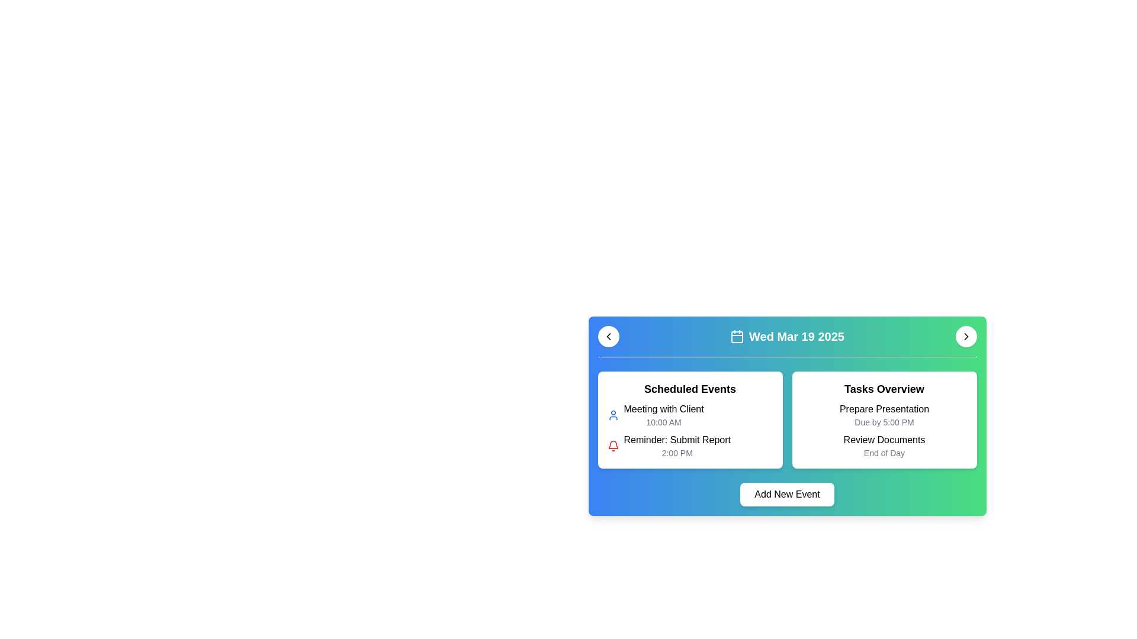 This screenshot has height=639, width=1137. Describe the element at coordinates (884, 408) in the screenshot. I see `text from the 'Prepare Presentation' title label located in the 'Tasks Overview' panel on the right side of the interface` at that location.